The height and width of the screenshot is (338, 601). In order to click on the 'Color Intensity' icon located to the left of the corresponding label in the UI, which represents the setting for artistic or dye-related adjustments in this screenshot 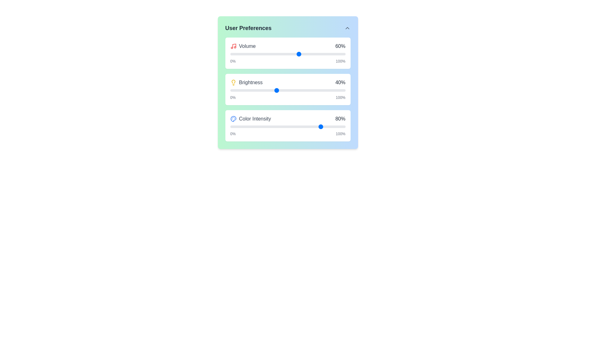, I will do `click(233, 119)`.